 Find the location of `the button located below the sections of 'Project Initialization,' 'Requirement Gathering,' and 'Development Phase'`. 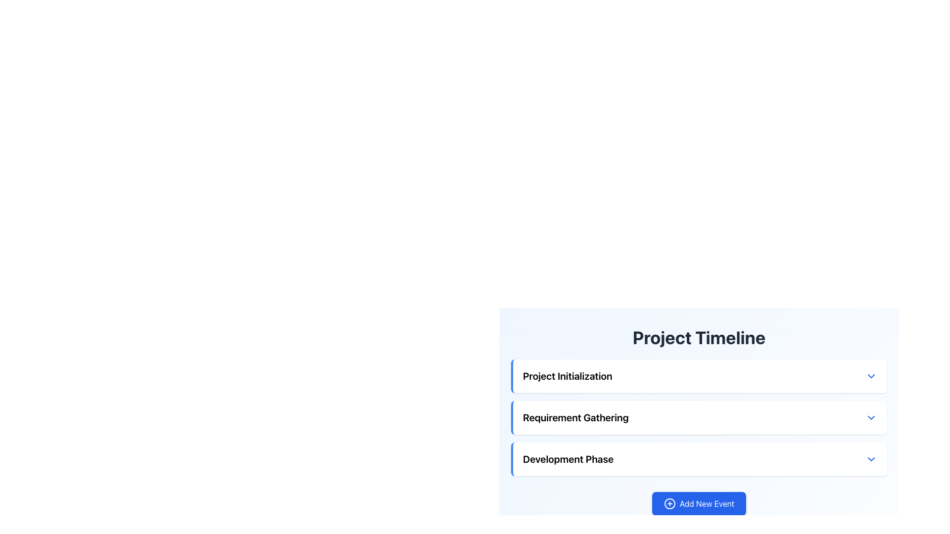

the button located below the sections of 'Project Initialization,' 'Requirement Gathering,' and 'Development Phase' is located at coordinates (698, 503).